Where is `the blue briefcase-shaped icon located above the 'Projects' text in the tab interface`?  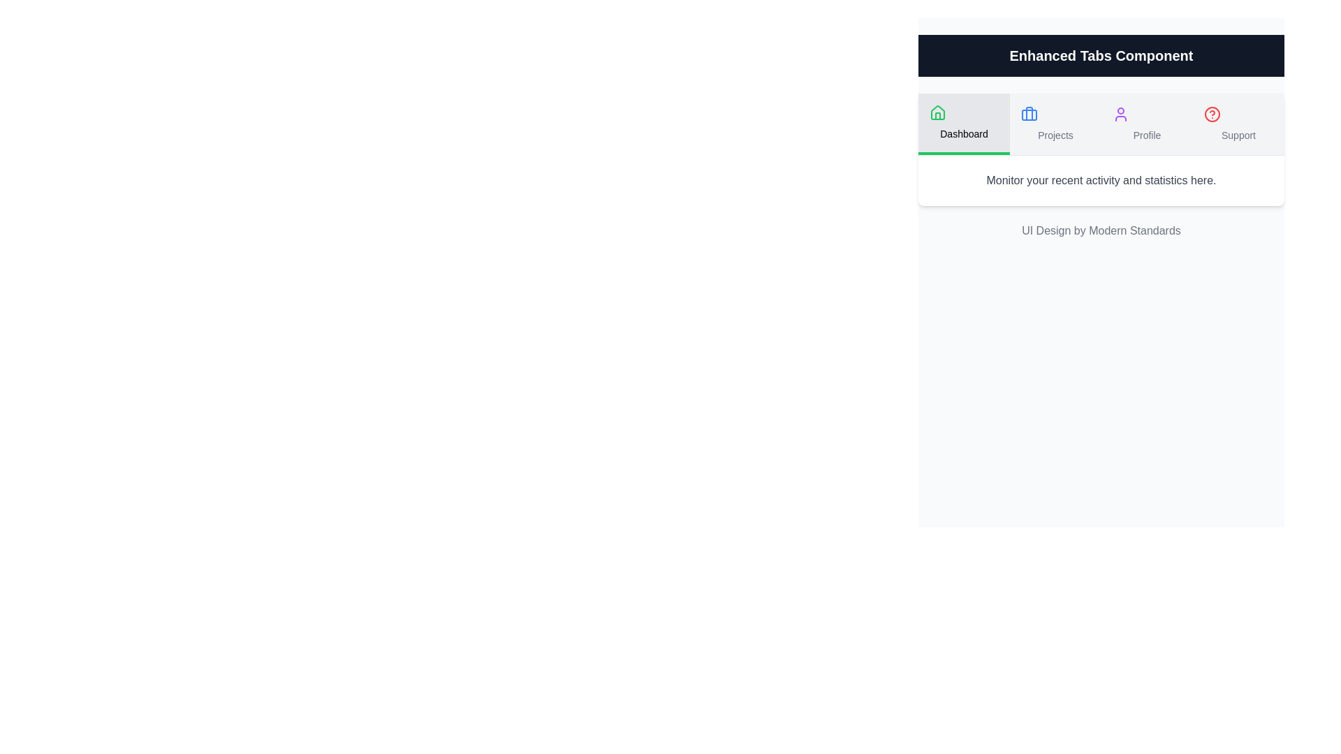
the blue briefcase-shaped icon located above the 'Projects' text in the tab interface is located at coordinates (1029, 114).